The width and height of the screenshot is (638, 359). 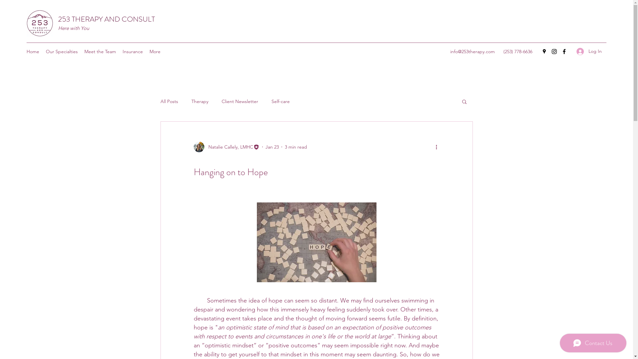 I want to click on '253 THERAPY AND CONSULT', so click(x=106, y=19).